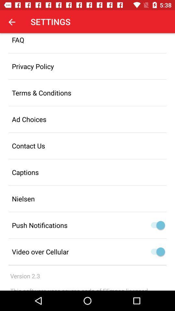  What do you see at coordinates (156, 251) in the screenshot?
I see `the on option` at bounding box center [156, 251].